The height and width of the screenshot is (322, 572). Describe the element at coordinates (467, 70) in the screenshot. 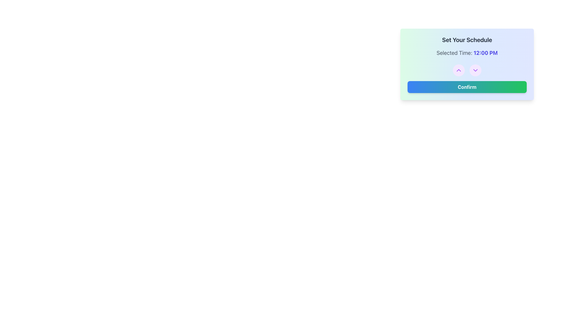

I see `the left circular button with an up-chevron icon in the time adjustment group` at that location.